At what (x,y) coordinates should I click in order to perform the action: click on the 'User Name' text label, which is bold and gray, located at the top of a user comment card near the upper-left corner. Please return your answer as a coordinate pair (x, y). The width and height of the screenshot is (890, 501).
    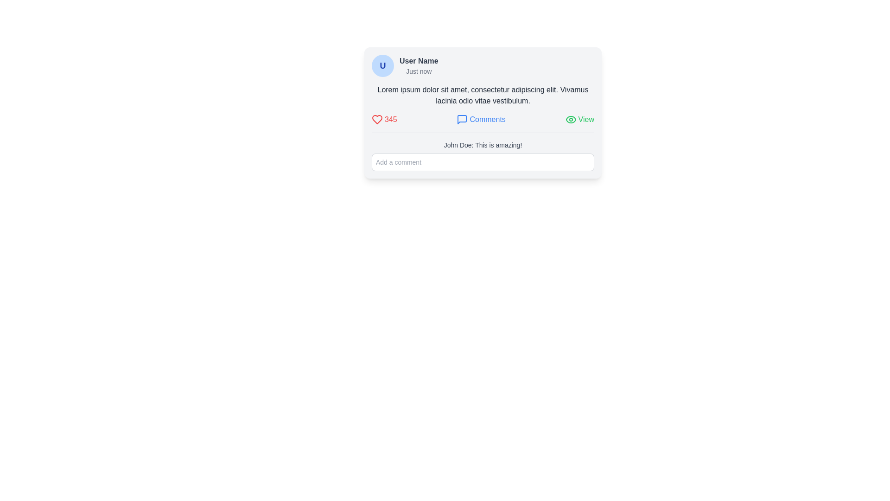
    Looking at the image, I should click on (418, 61).